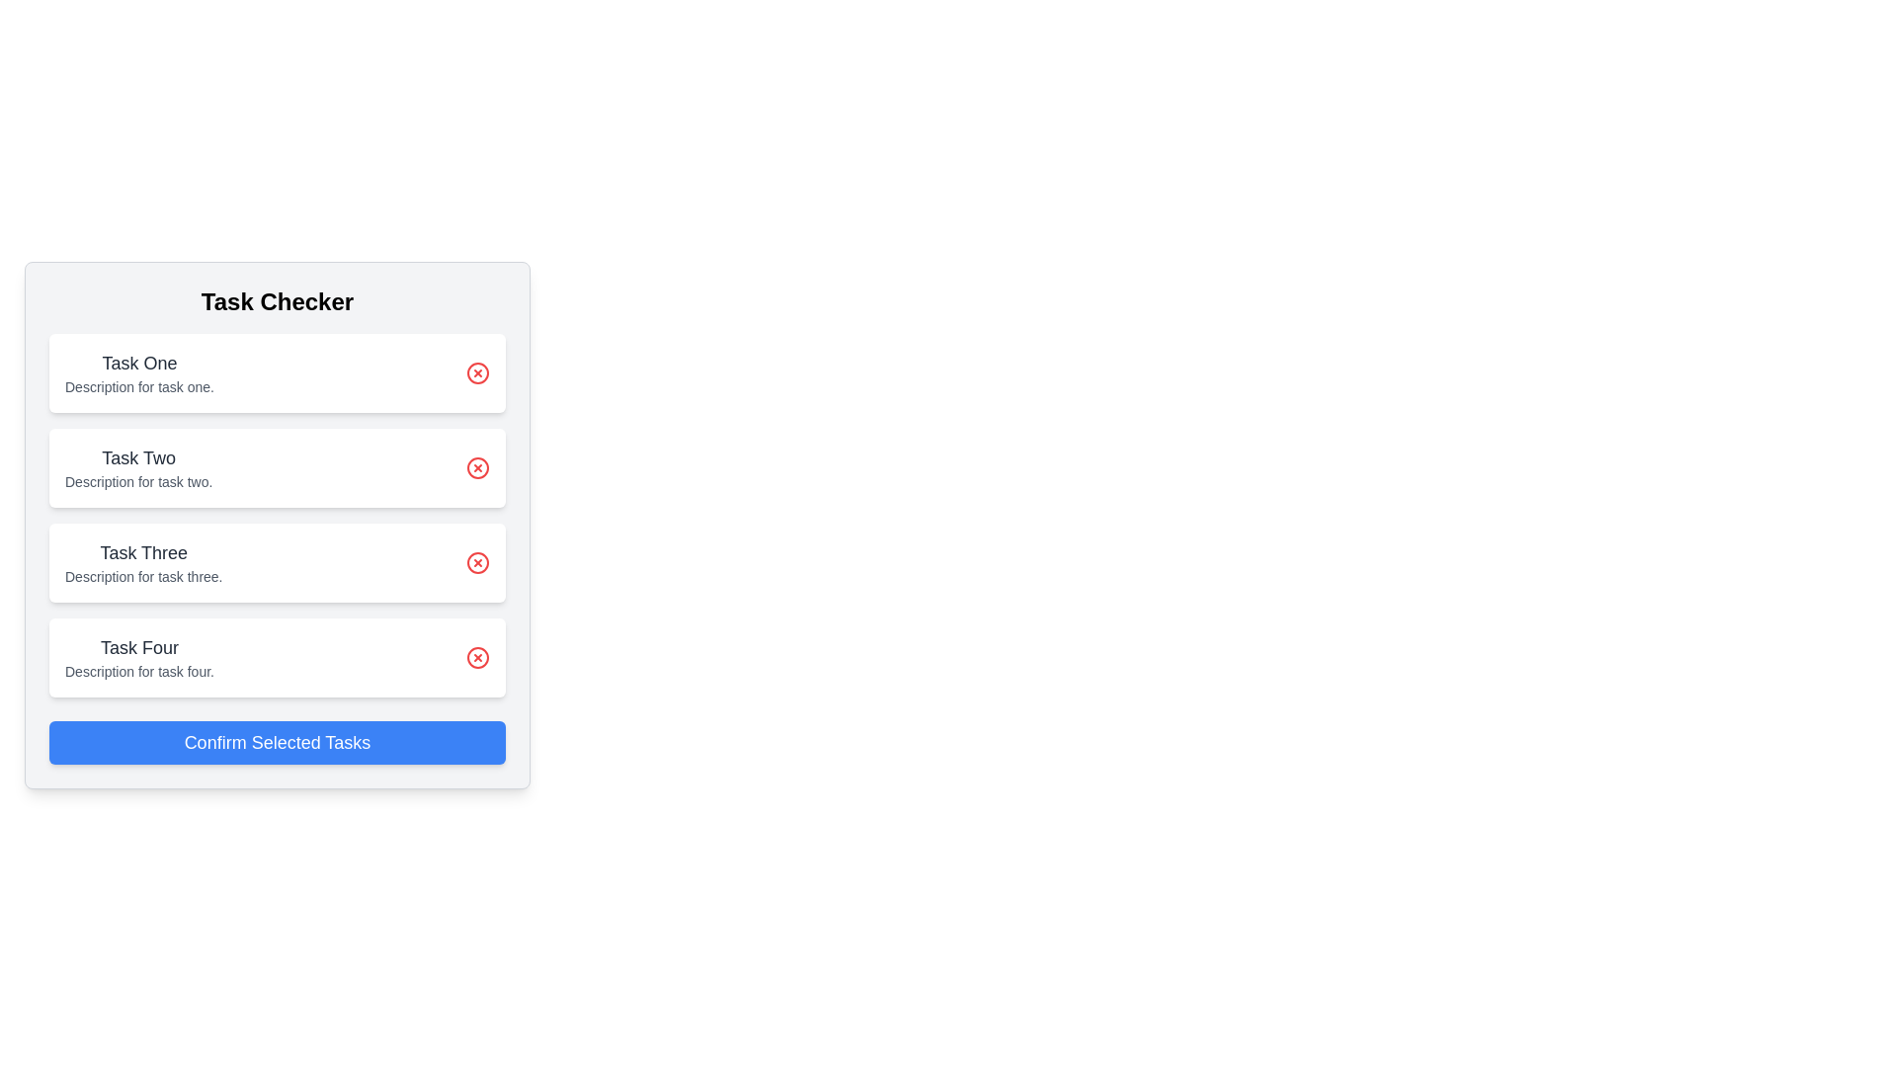  What do you see at coordinates (277, 301) in the screenshot?
I see `the 'Task Checker' label` at bounding box center [277, 301].